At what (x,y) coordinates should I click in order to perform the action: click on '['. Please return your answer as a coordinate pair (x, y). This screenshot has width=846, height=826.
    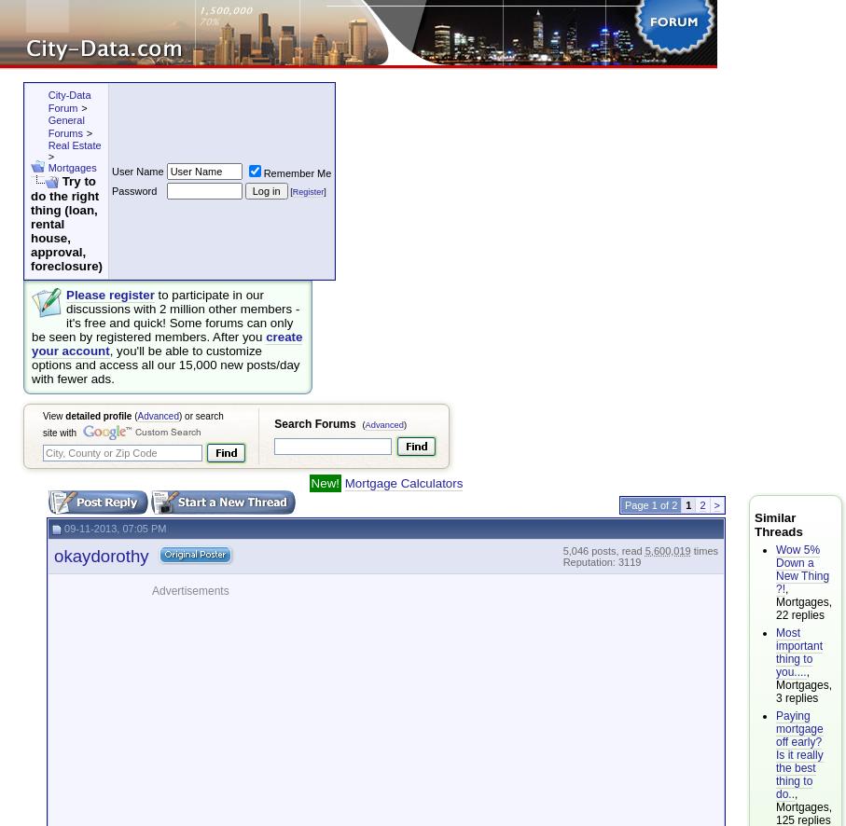
    Looking at the image, I should click on (289, 191).